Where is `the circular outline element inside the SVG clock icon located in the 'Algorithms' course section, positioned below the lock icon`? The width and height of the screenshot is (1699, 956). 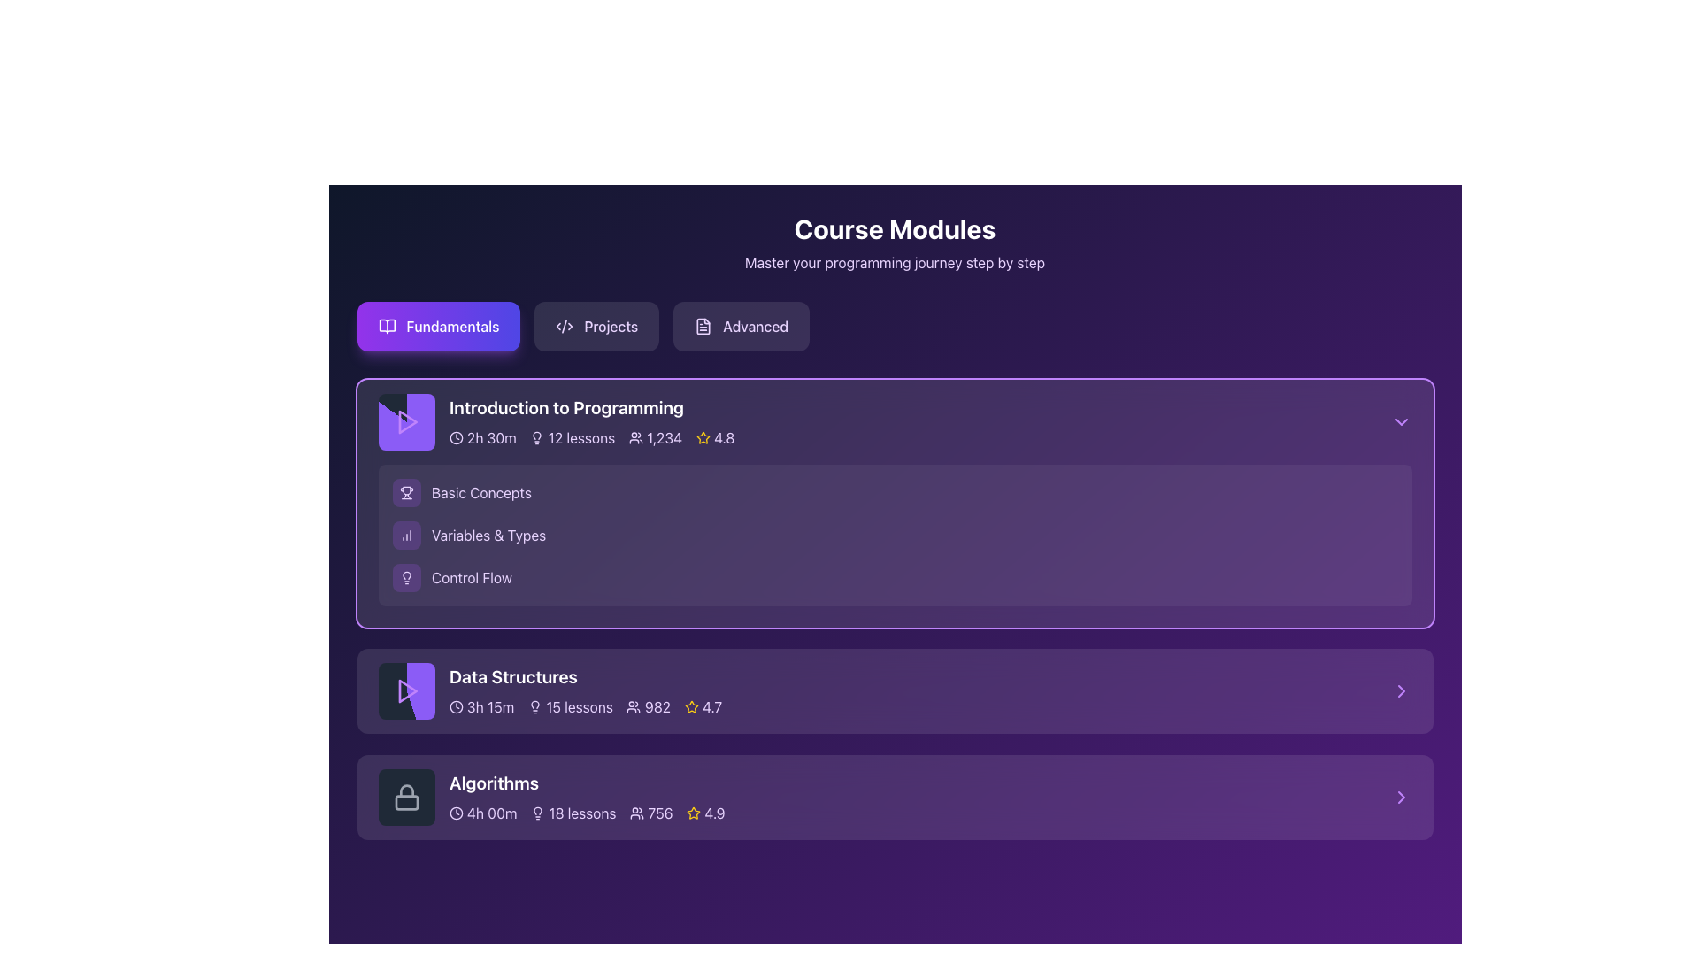 the circular outline element inside the SVG clock icon located in the 'Algorithms' course section, positioned below the lock icon is located at coordinates (456, 813).